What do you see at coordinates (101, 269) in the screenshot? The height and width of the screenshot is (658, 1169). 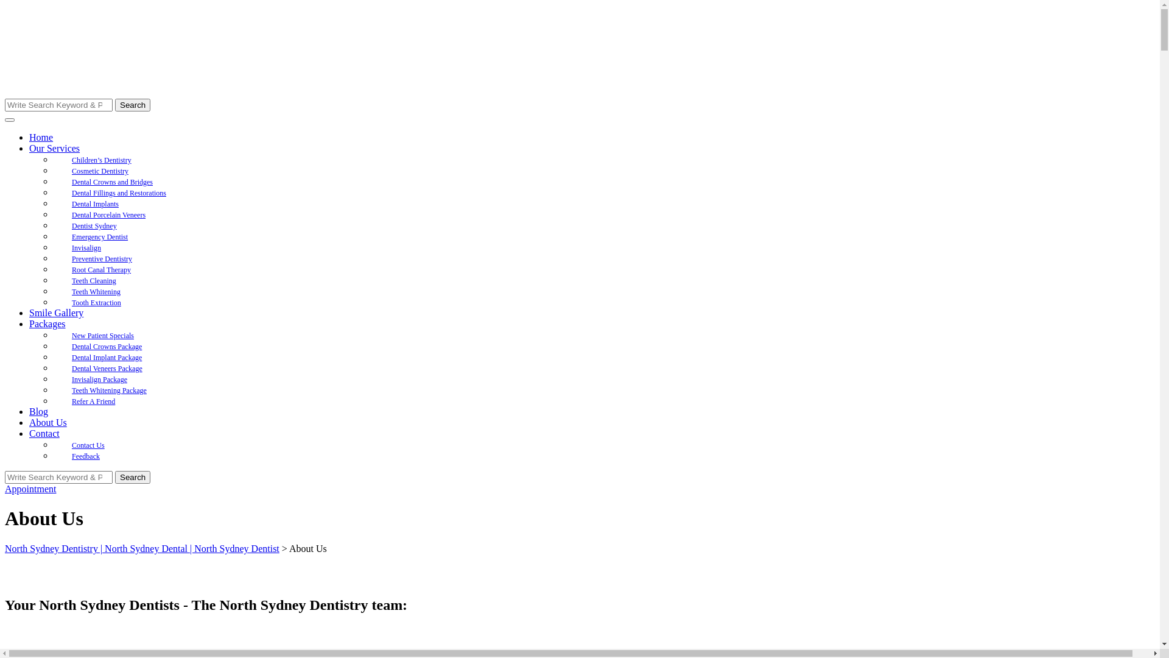 I see `'Root Canal Therapy'` at bounding box center [101, 269].